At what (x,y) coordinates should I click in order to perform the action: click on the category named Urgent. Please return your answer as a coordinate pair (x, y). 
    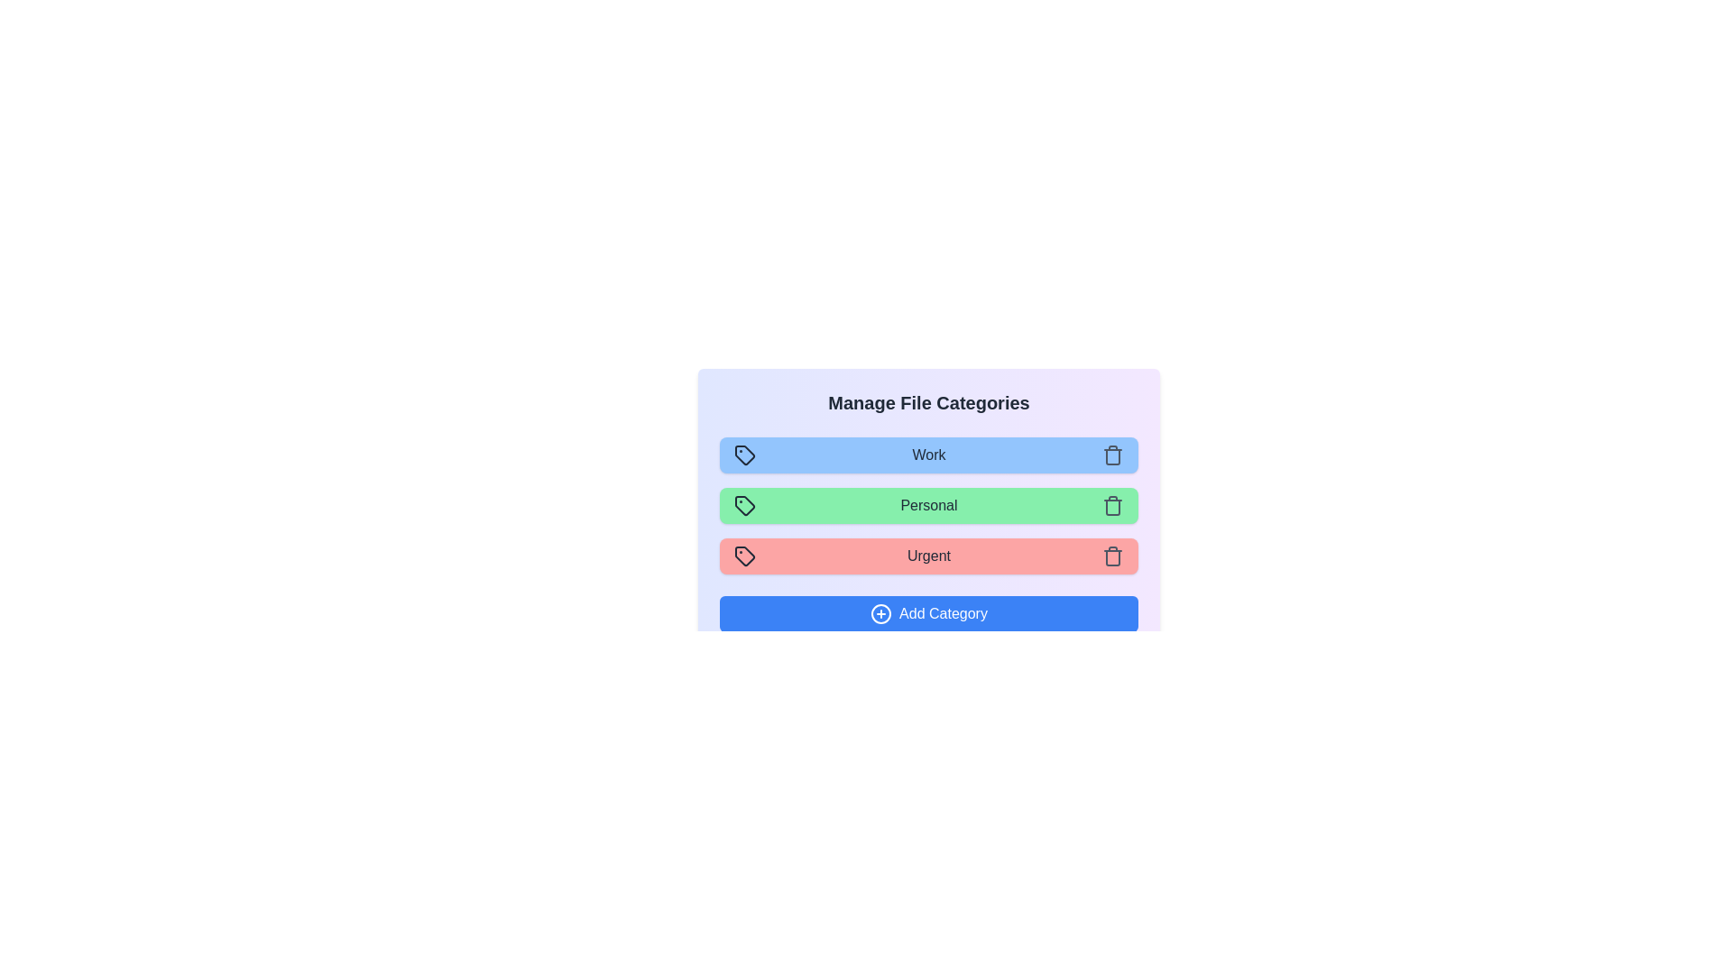
    Looking at the image, I should click on (929, 556).